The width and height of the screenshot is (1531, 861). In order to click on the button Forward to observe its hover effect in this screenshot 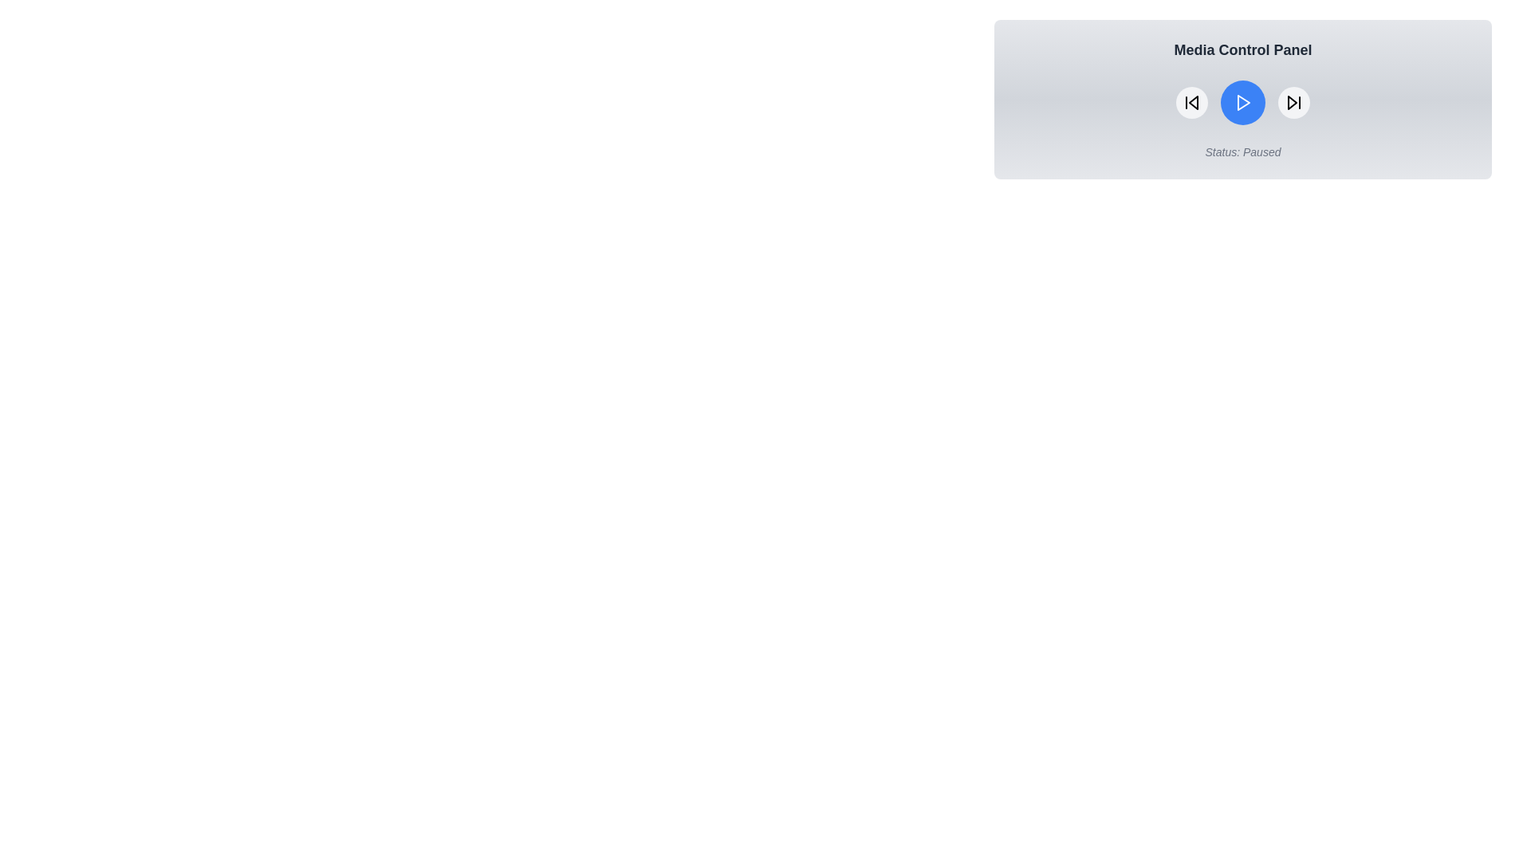, I will do `click(1293, 102)`.